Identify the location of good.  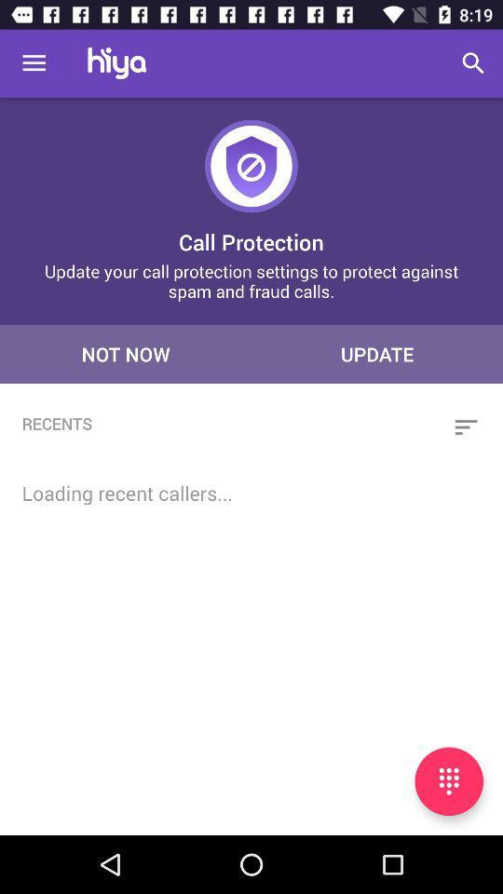
(448, 781).